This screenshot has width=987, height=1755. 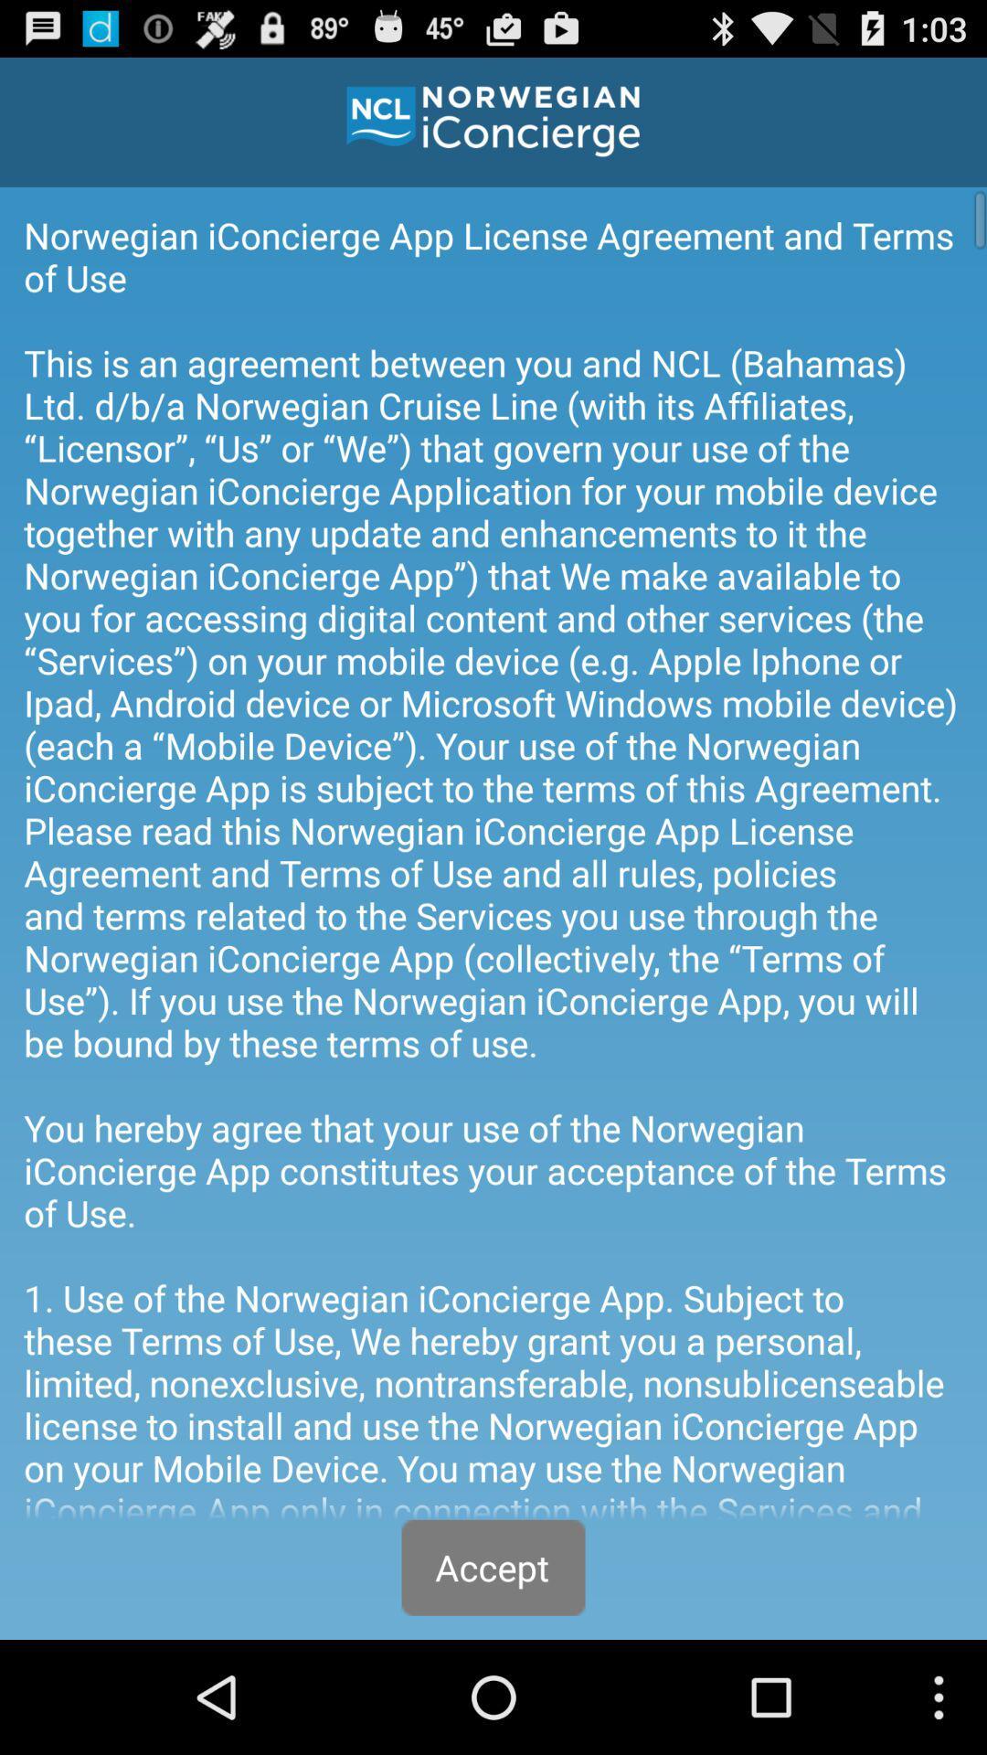 I want to click on accept, so click(x=493, y=1567).